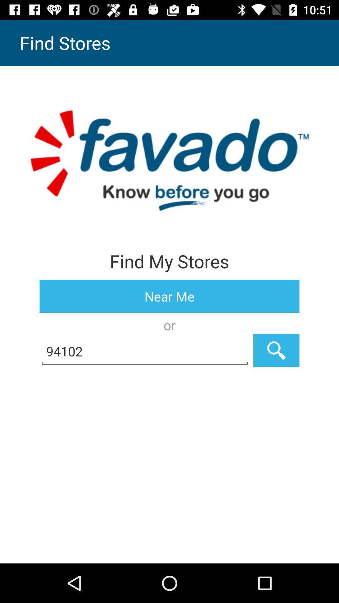 The height and width of the screenshot is (603, 339). What do you see at coordinates (276, 350) in the screenshot?
I see `icon on the right` at bounding box center [276, 350].